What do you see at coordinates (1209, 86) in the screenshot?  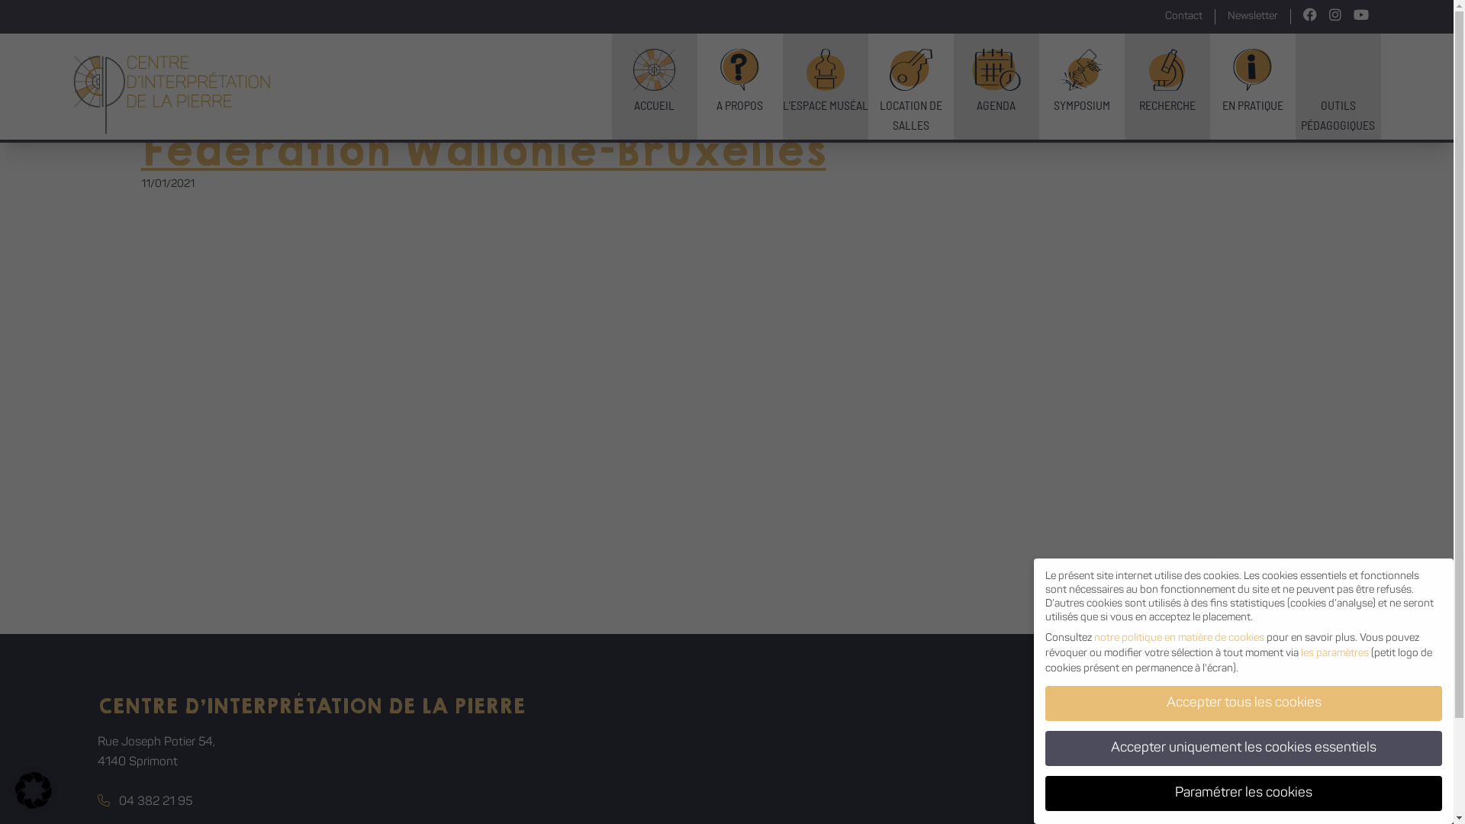 I see `'EN PRATIQUE'` at bounding box center [1209, 86].